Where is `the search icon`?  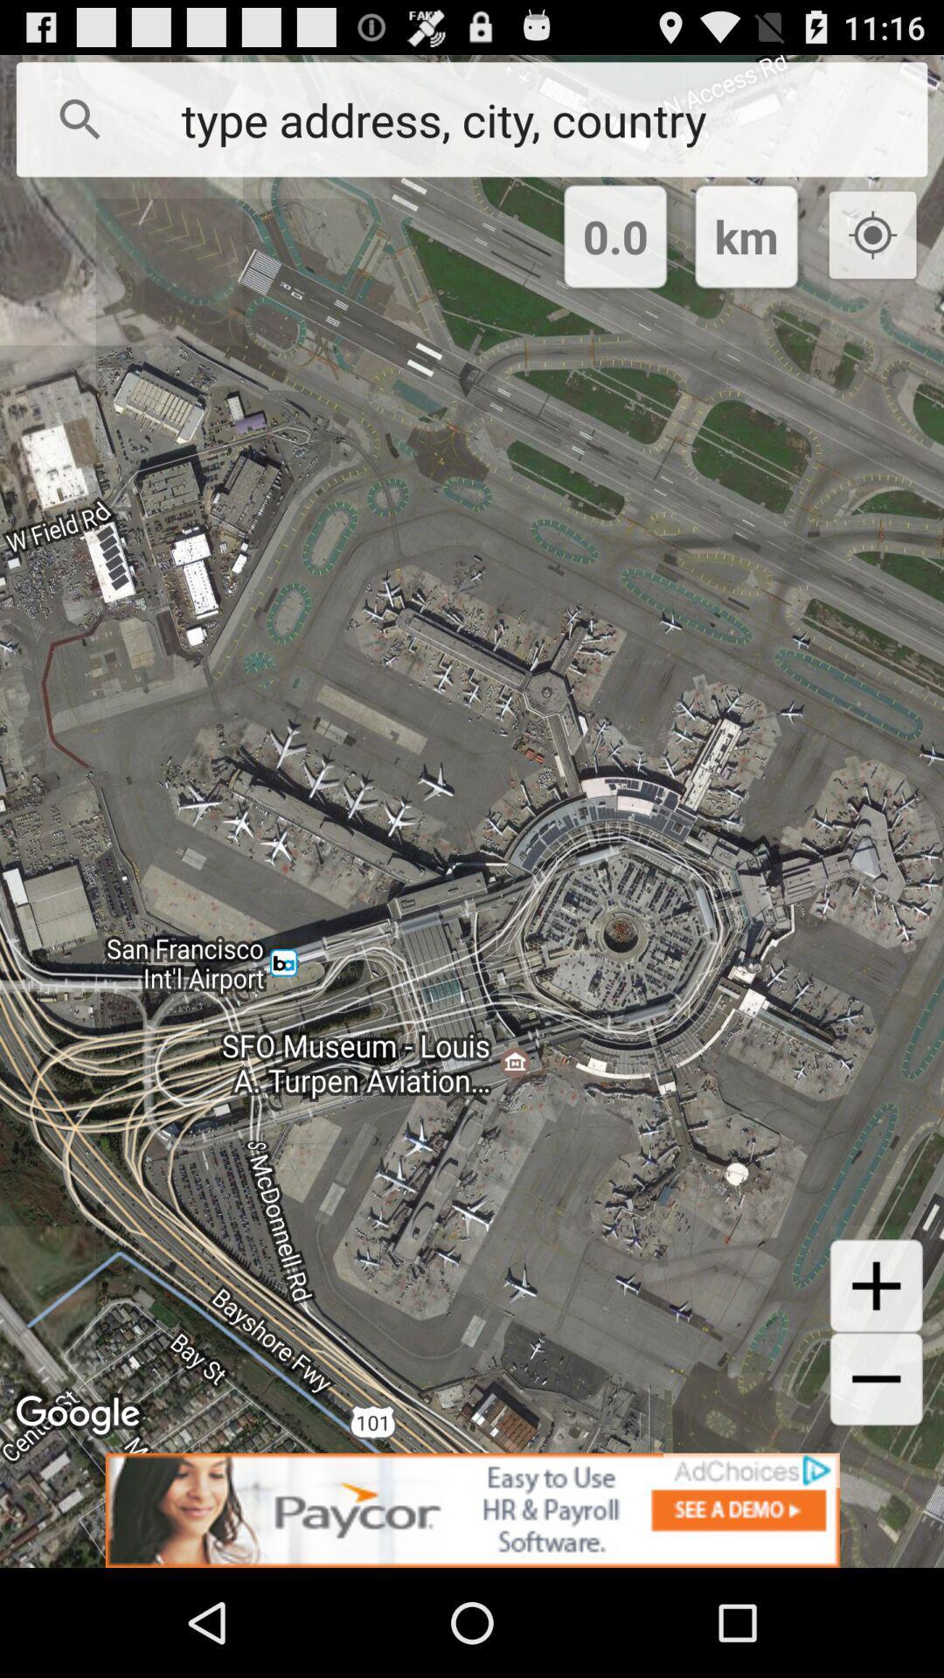
the search icon is located at coordinates (80, 127).